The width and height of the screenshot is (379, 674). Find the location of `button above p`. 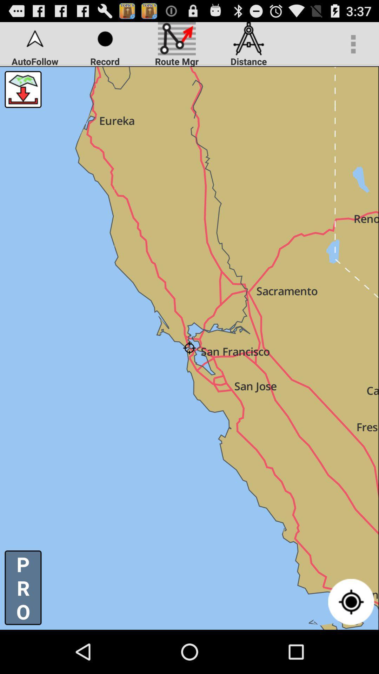

button above p is located at coordinates (22, 89).